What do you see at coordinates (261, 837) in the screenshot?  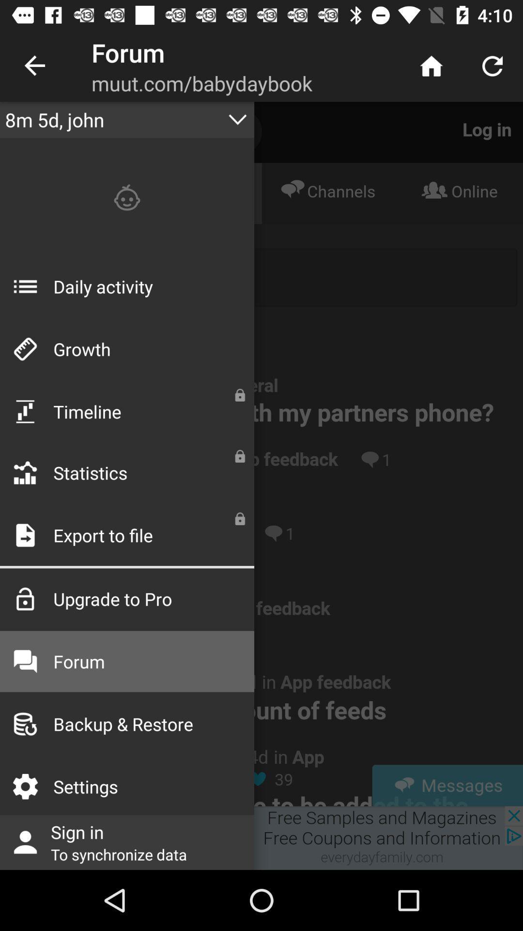 I see `open account sign in page` at bounding box center [261, 837].